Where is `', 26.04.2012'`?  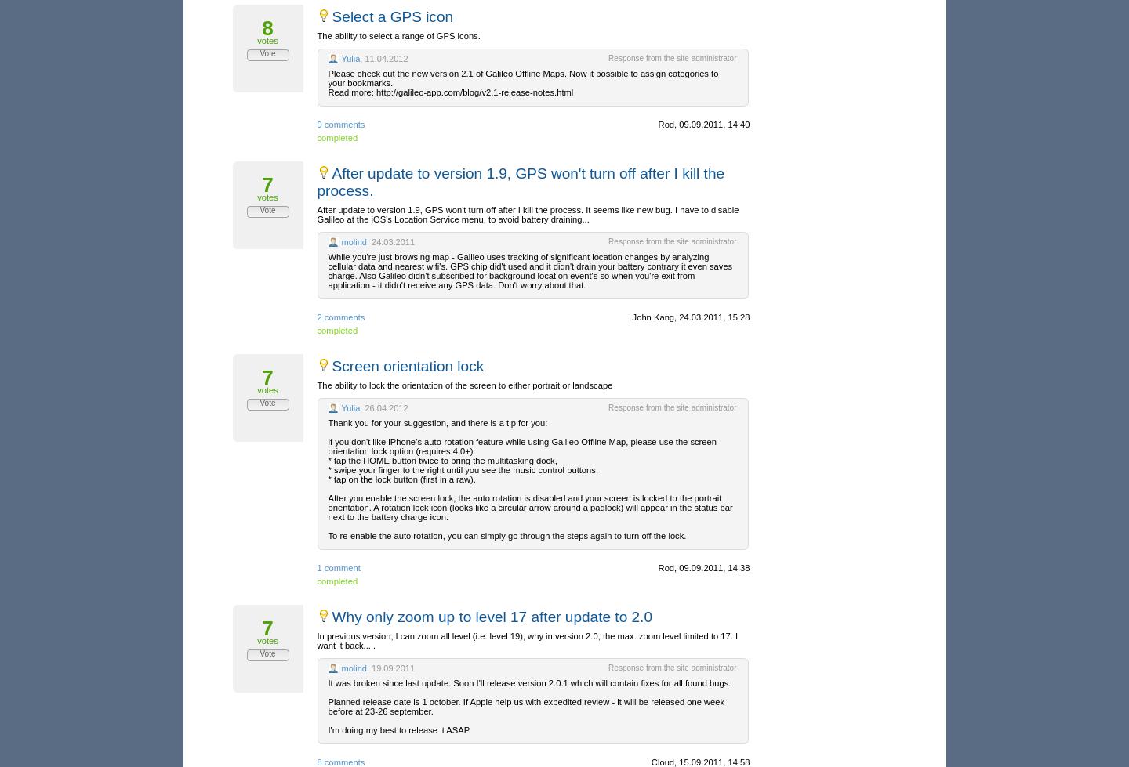
', 26.04.2012' is located at coordinates (383, 407).